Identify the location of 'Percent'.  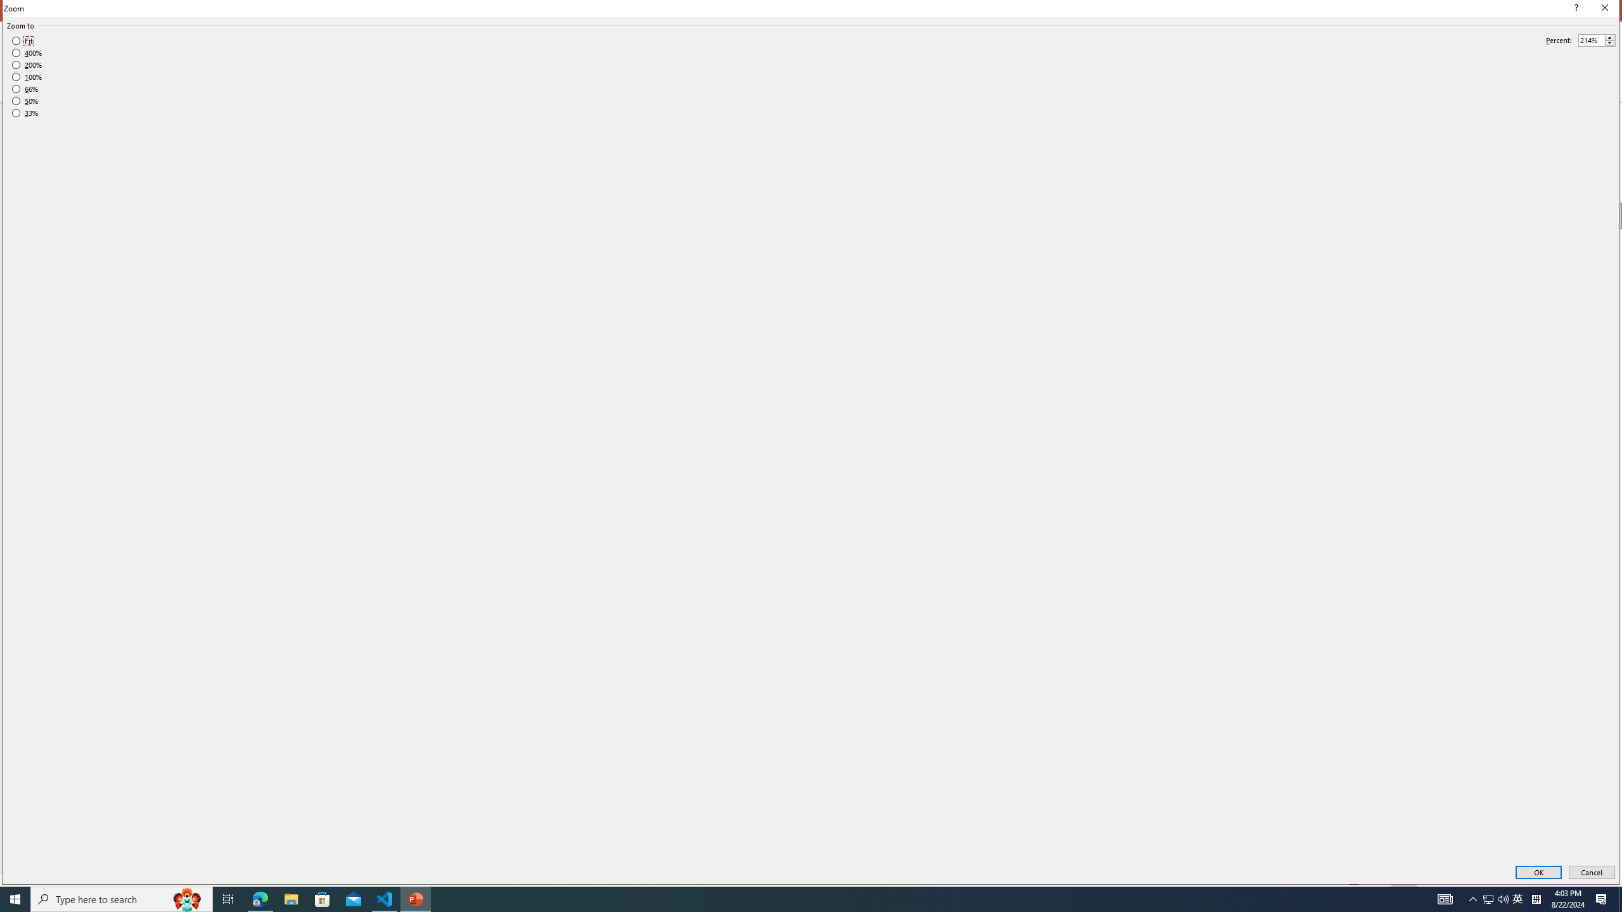
(1596, 41).